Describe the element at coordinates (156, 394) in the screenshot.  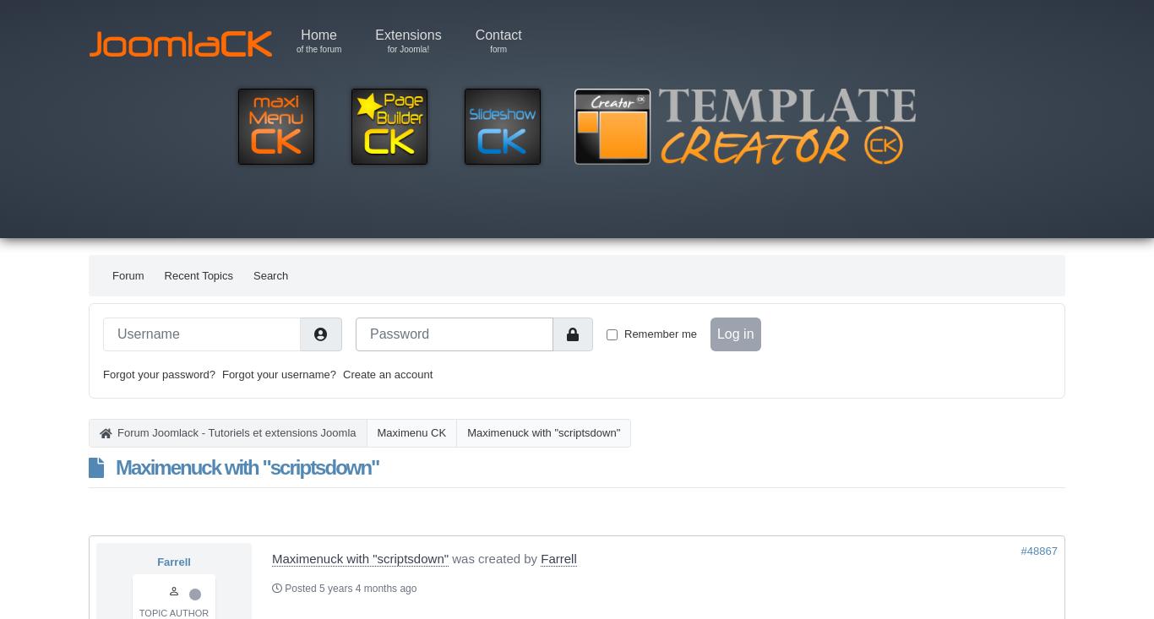
I see `'Prev'` at that location.